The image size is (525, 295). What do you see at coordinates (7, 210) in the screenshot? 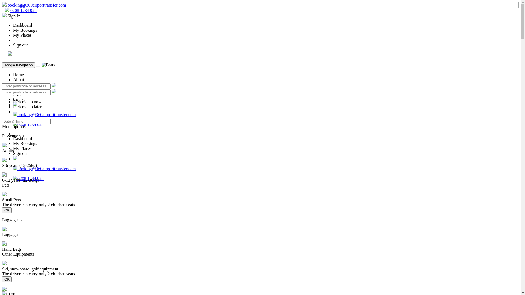
I see `'OK'` at bounding box center [7, 210].